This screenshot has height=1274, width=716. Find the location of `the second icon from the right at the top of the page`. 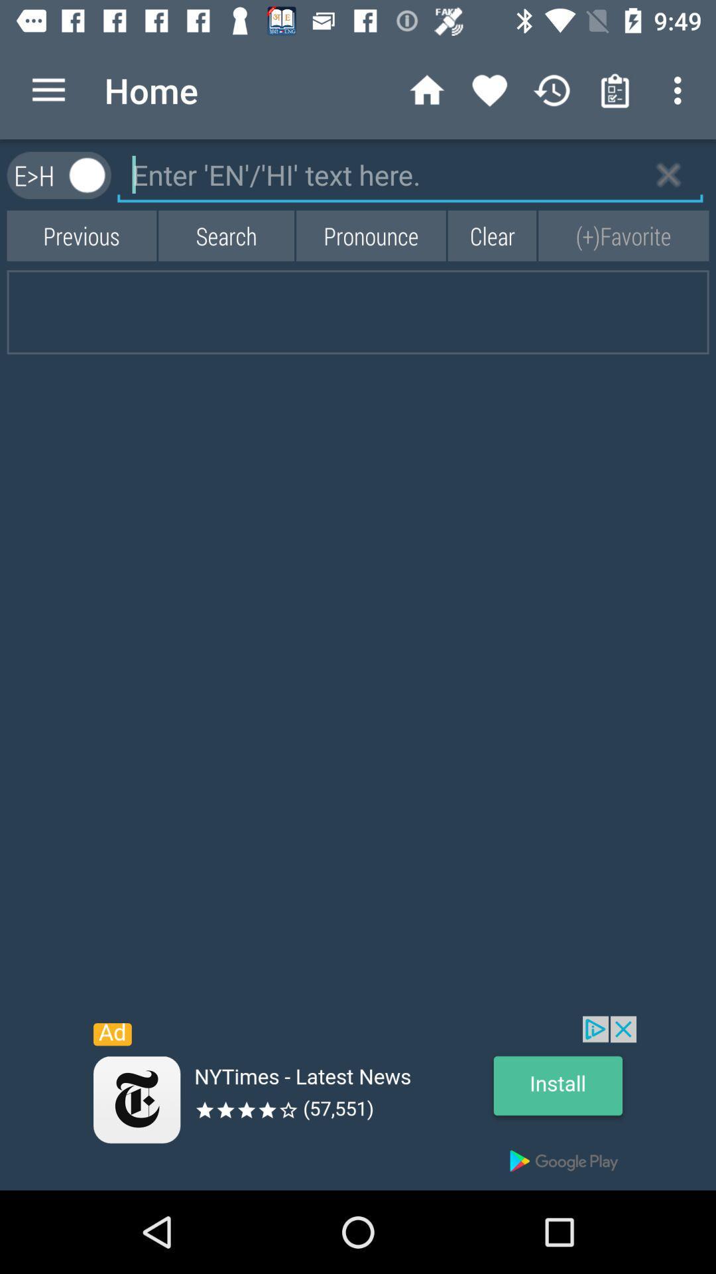

the second icon from the right at the top of the page is located at coordinates (615, 90).